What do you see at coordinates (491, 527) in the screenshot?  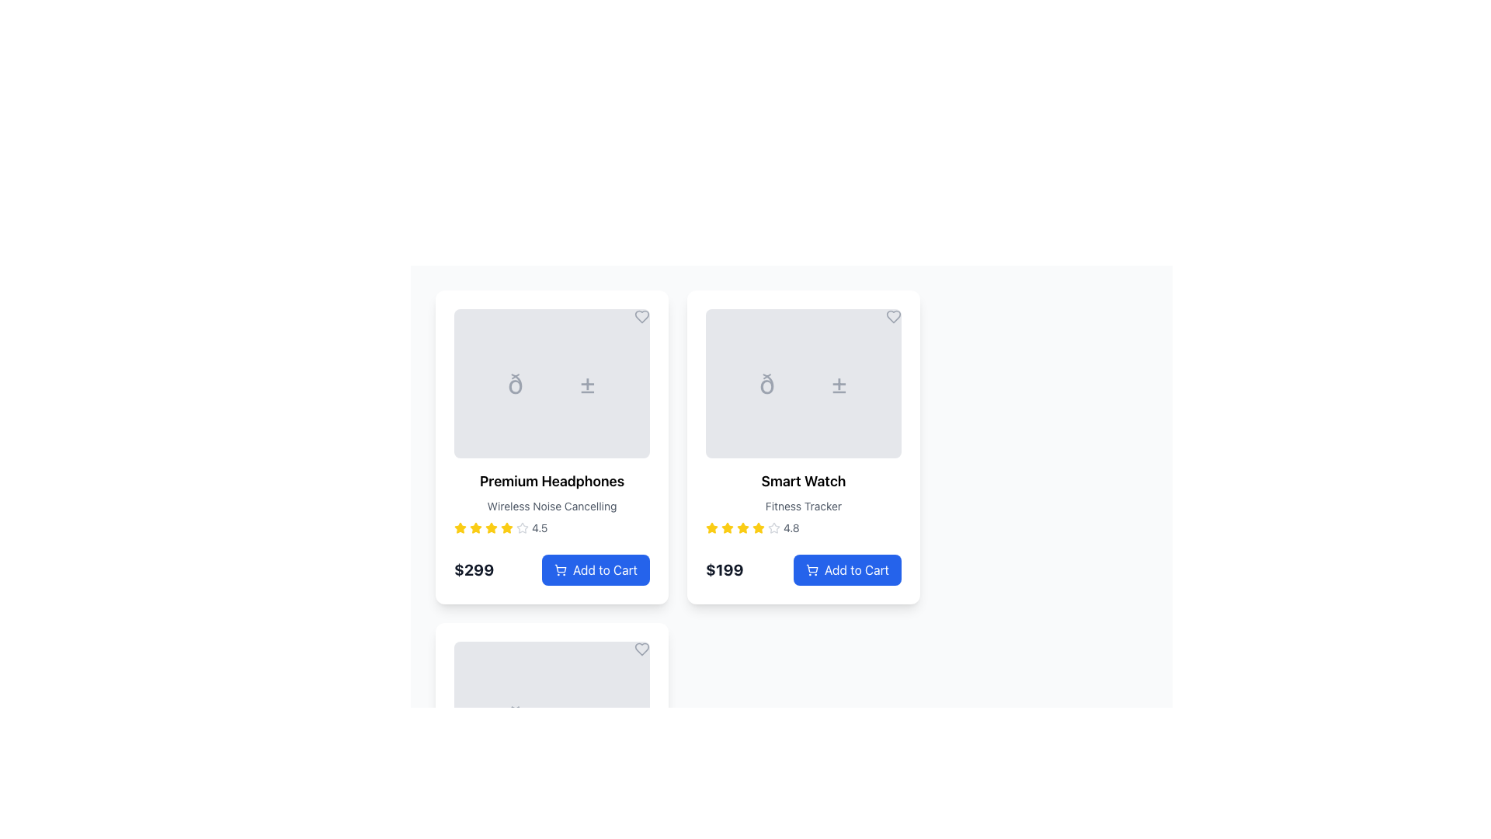 I see `the third star icon indicating a 4.5 star rating for the 'Premium Headphones' product details` at bounding box center [491, 527].